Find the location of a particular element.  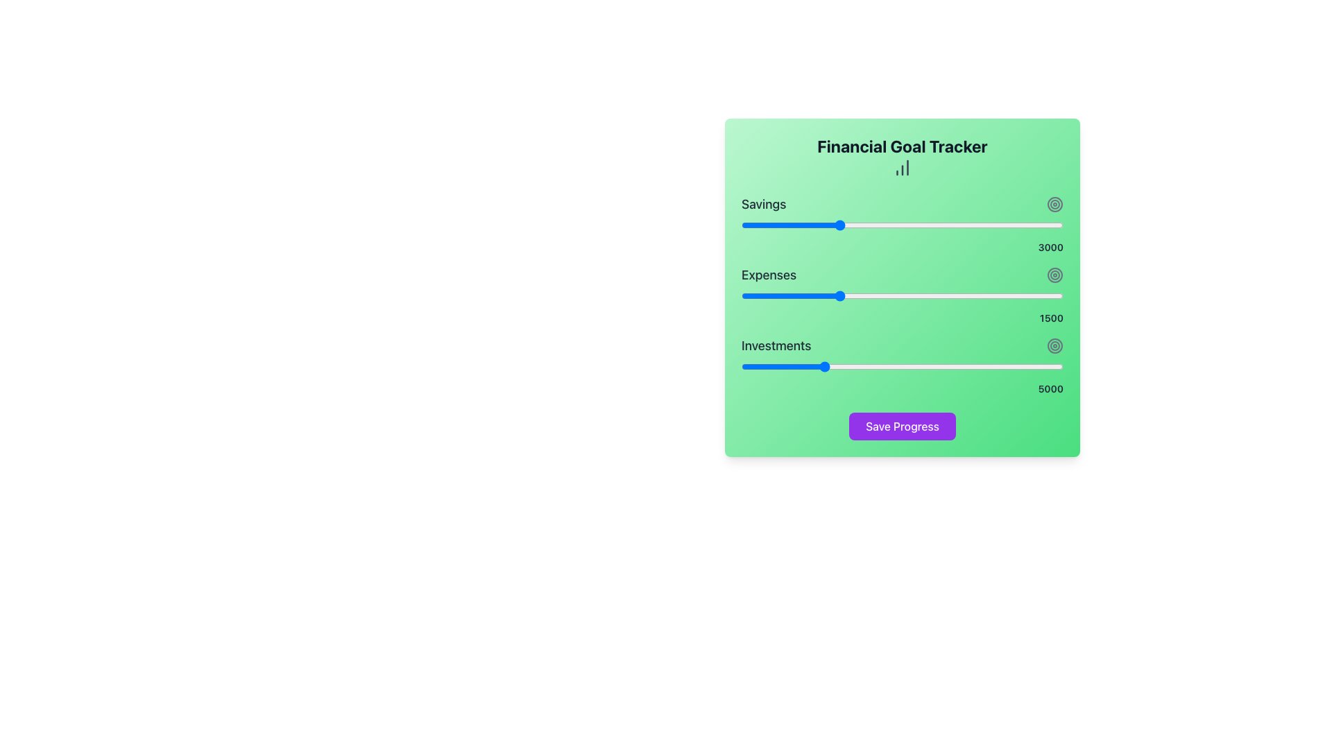

the save button located at the bottom of the financial goal tracker interface is located at coordinates (902, 425).